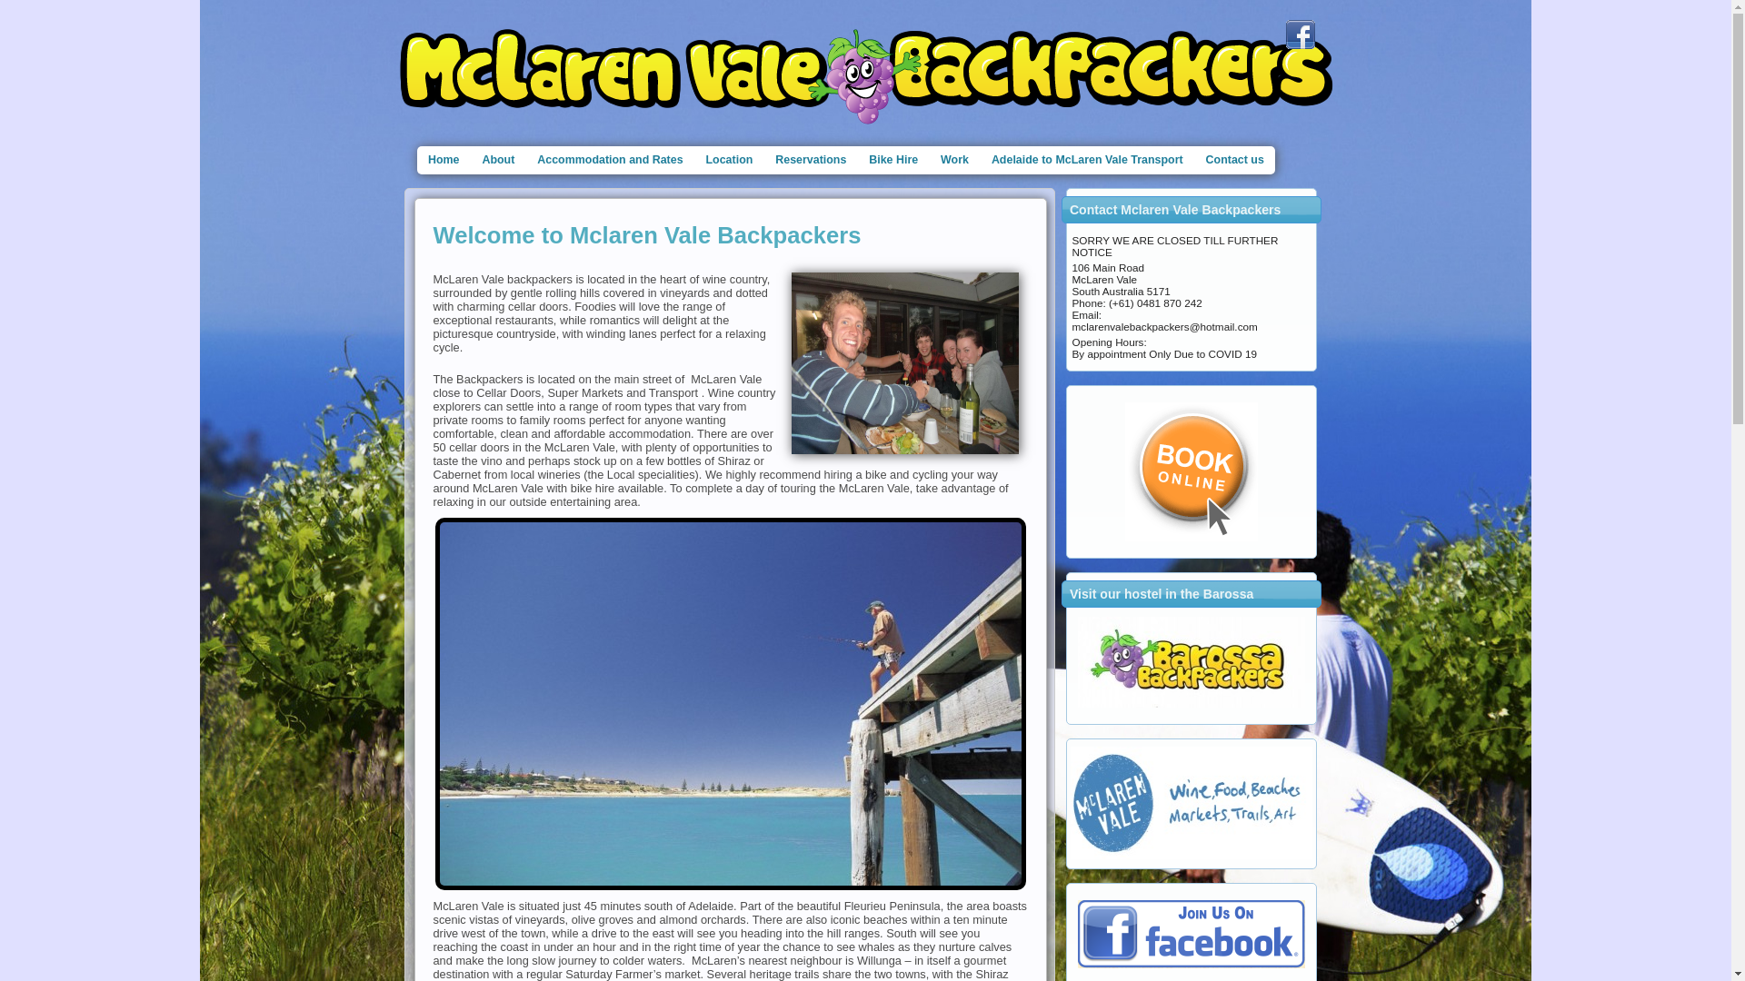 The image size is (1745, 981). What do you see at coordinates (498, 159) in the screenshot?
I see `'About'` at bounding box center [498, 159].